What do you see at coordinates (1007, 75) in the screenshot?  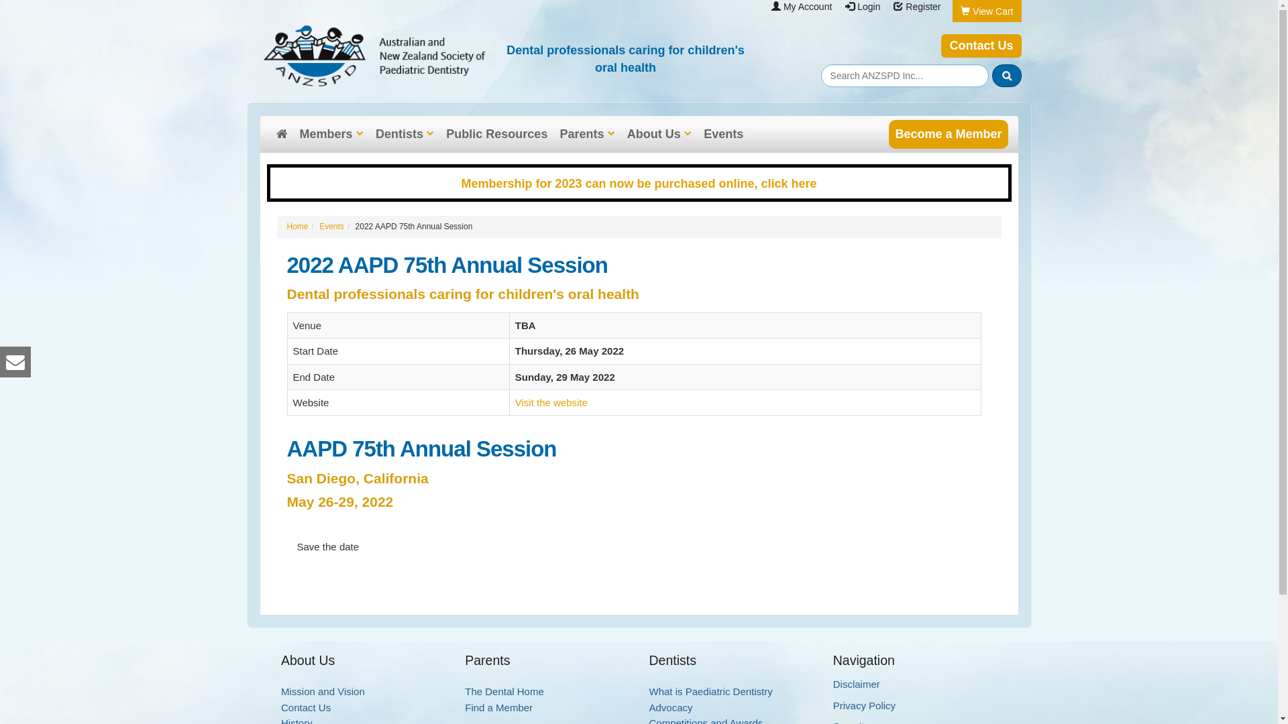 I see `'Search'` at bounding box center [1007, 75].